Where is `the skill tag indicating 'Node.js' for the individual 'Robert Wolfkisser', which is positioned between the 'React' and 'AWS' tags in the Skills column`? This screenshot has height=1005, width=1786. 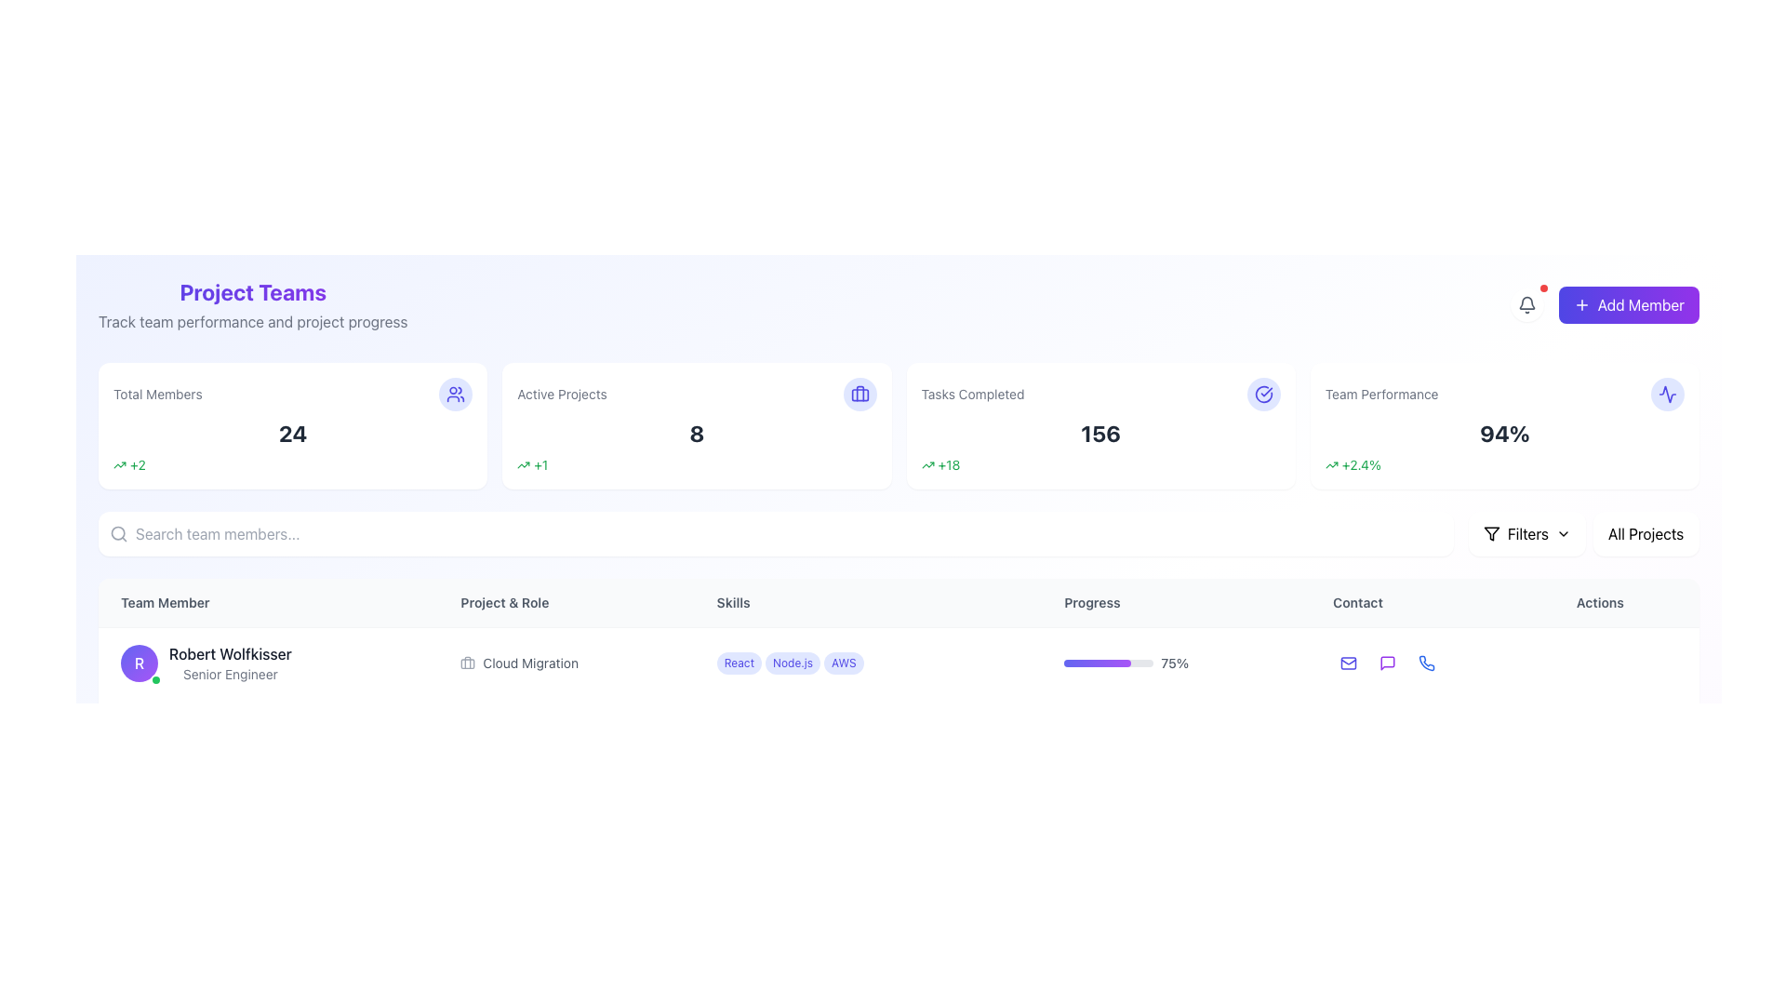
the skill tag indicating 'Node.js' for the individual 'Robert Wolfkisser', which is positioned between the 'React' and 'AWS' tags in the Skills column is located at coordinates (793, 663).